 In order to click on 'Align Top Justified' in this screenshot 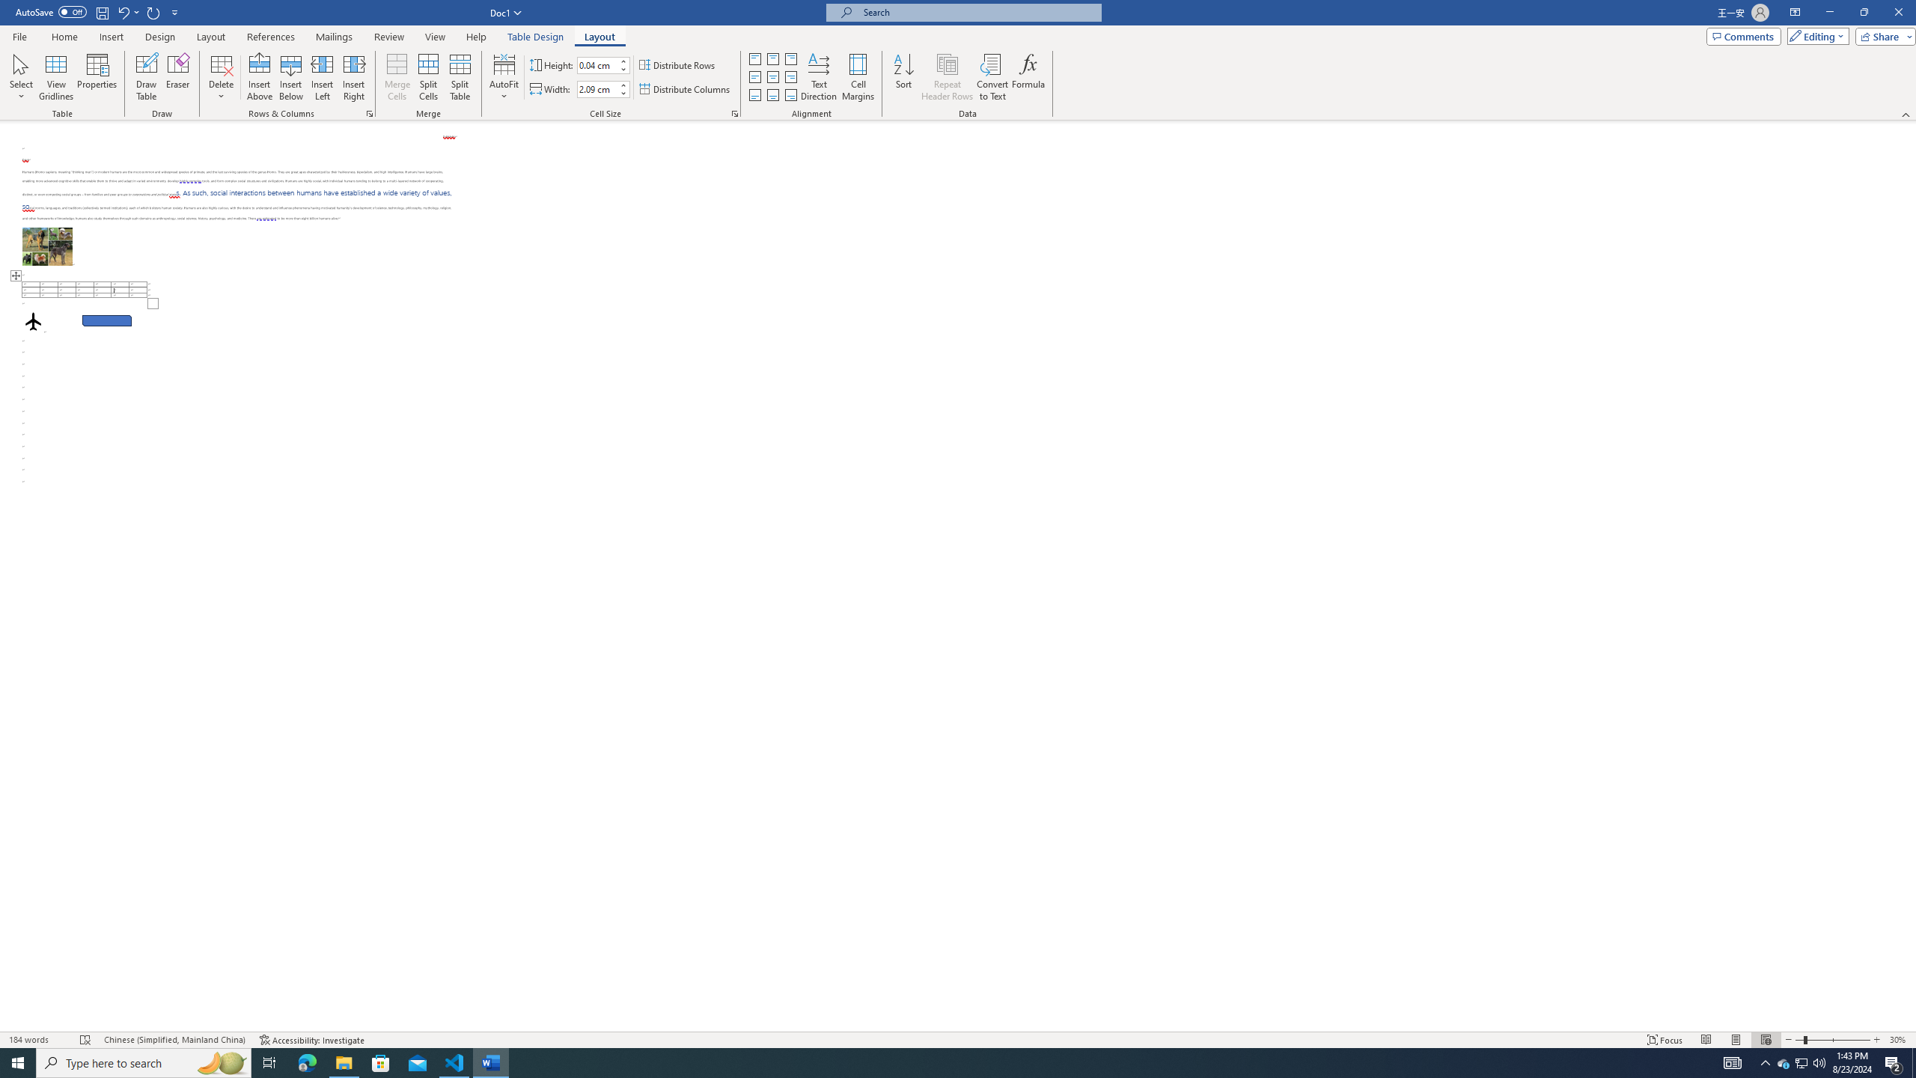, I will do `click(754, 58)`.